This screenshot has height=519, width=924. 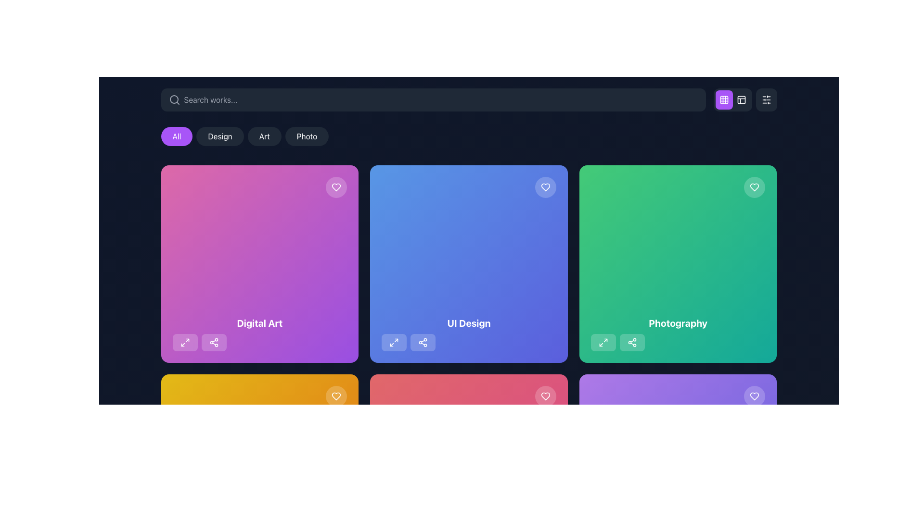 I want to click on the heart-shaped icon located at the center of the circular button in the top-right corner of the 'Digital Art' card, so click(x=336, y=187).